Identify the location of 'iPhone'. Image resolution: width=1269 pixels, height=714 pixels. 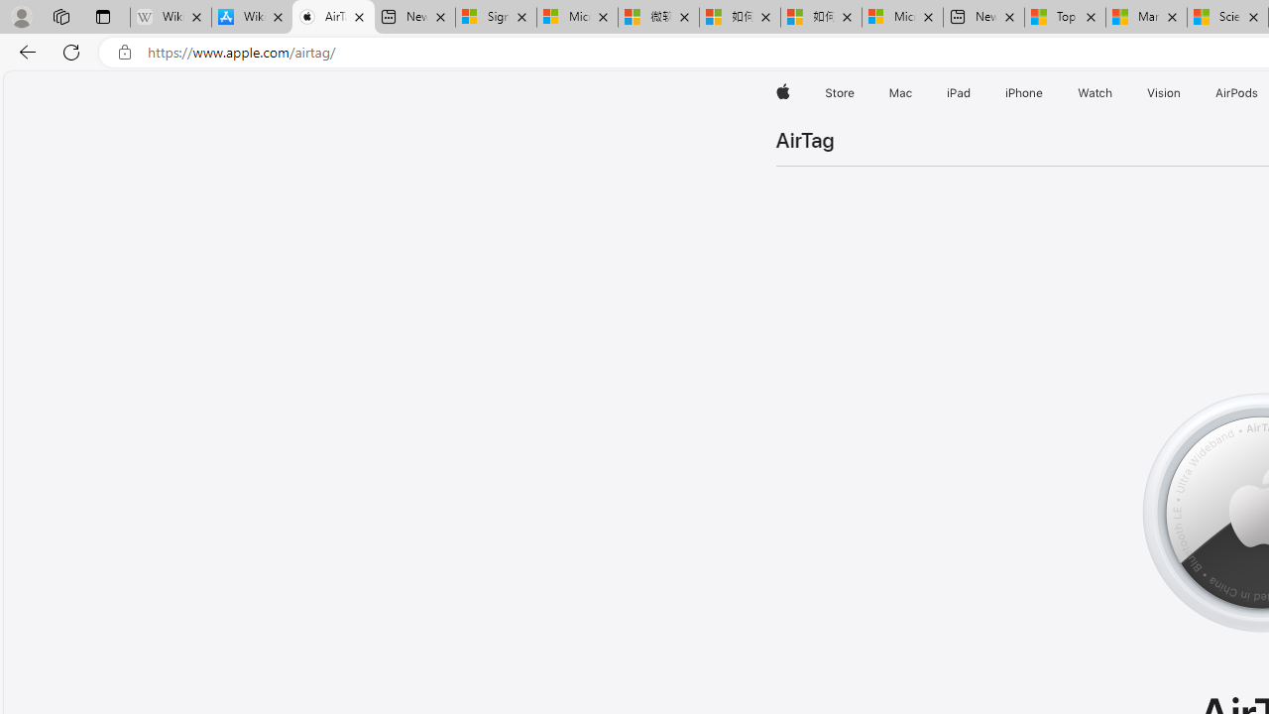
(1024, 92).